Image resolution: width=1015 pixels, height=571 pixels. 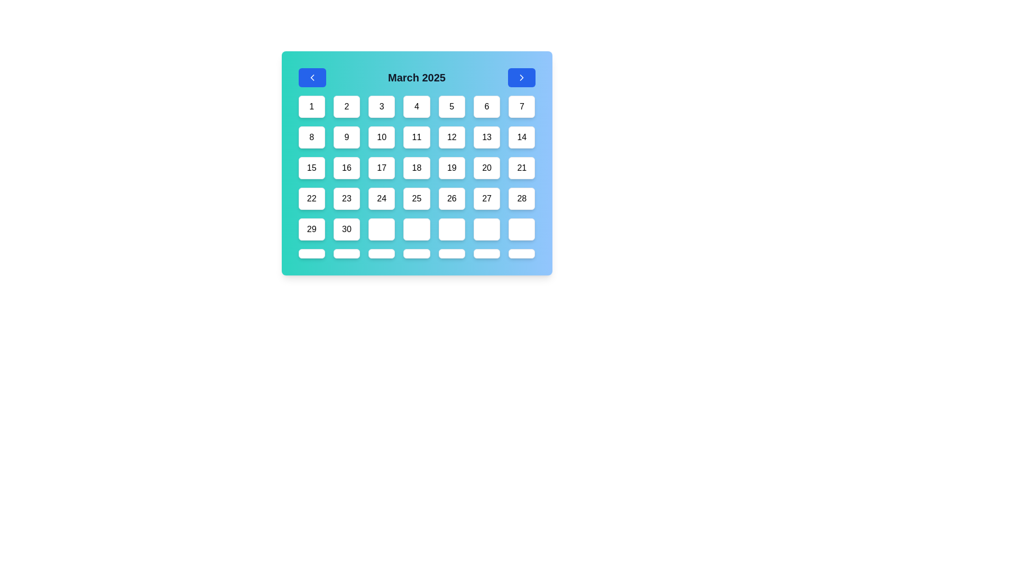 What do you see at coordinates (451, 229) in the screenshot?
I see `the rectangular button with a white background and rounded corners located in the fifth column of the fifth row in a grid layout` at bounding box center [451, 229].